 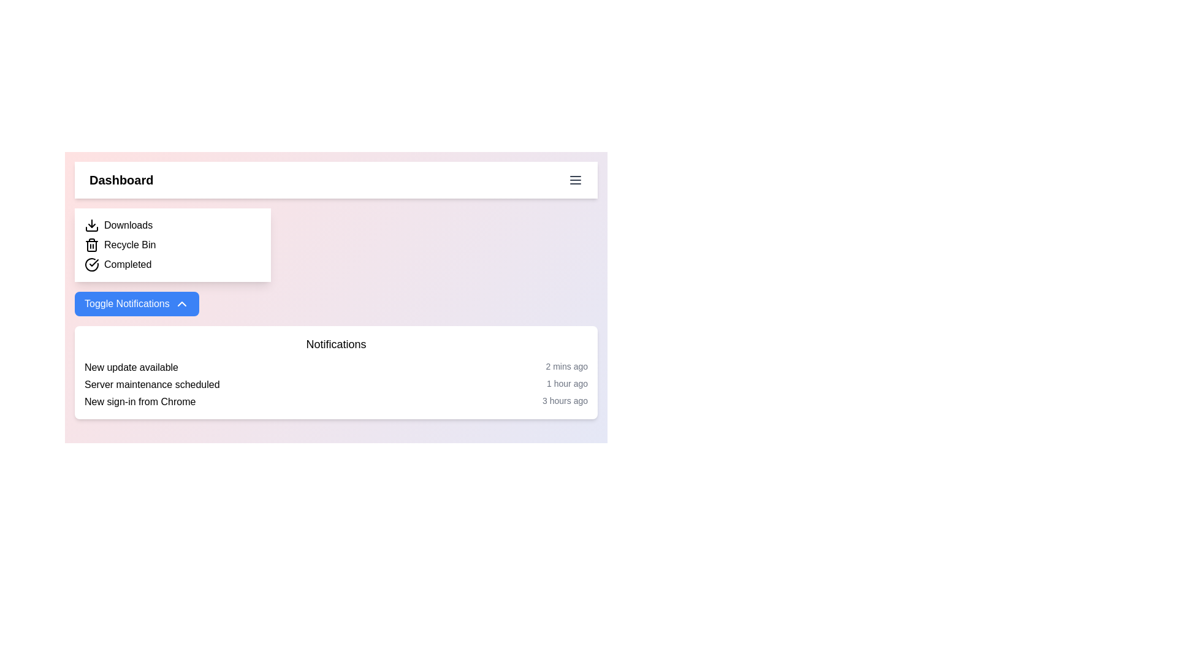 What do you see at coordinates (151, 384) in the screenshot?
I see `the text label displaying 'Server maintenance scheduled' in the Notifications section` at bounding box center [151, 384].